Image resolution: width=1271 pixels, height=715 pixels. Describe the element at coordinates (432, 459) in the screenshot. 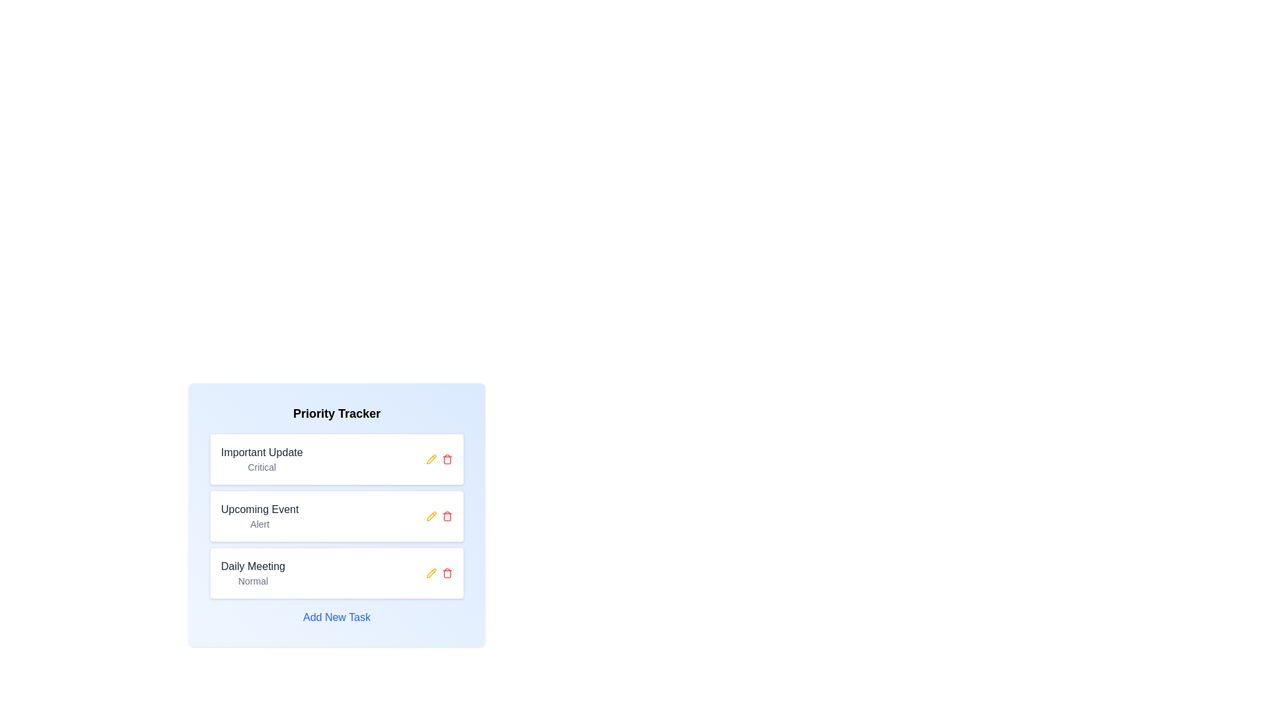

I see `the pencil icon associated with the chip titled Important Update` at that location.